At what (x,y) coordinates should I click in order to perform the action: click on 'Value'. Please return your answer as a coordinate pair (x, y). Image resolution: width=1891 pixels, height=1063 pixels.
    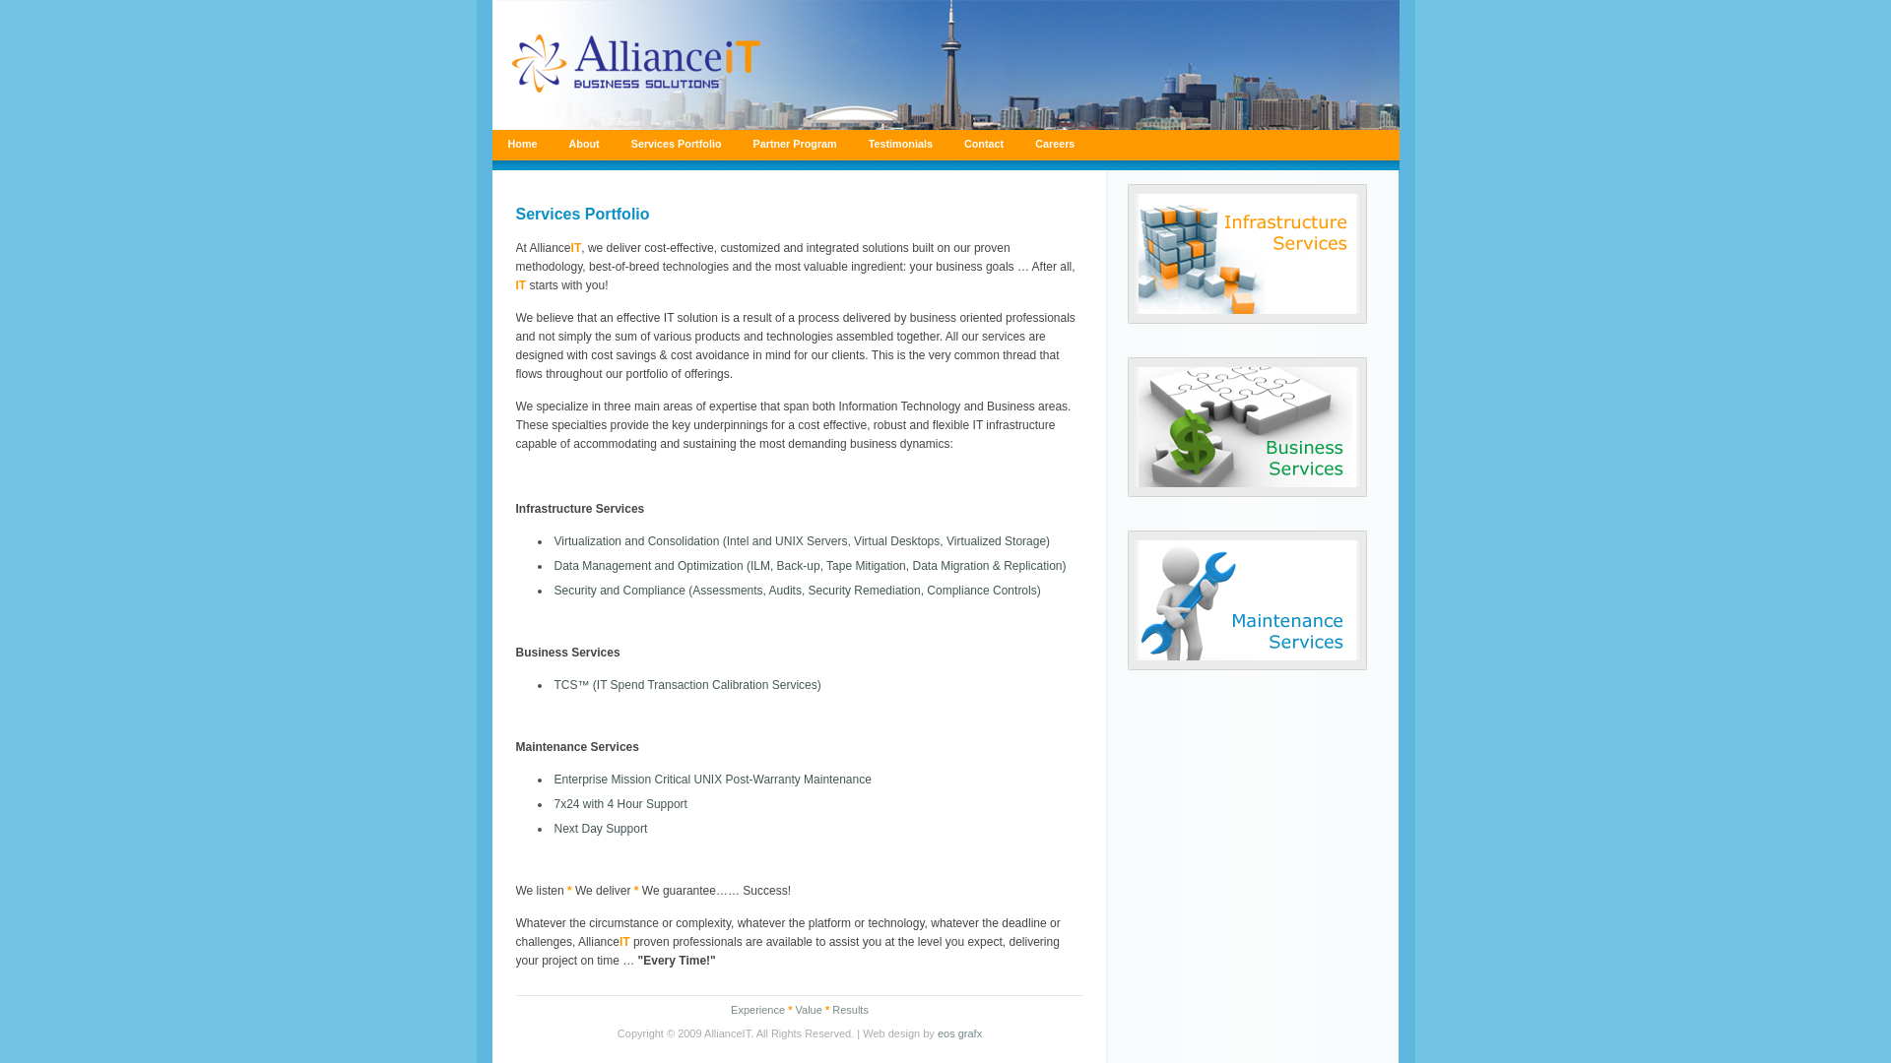
    Looking at the image, I should click on (809, 1010).